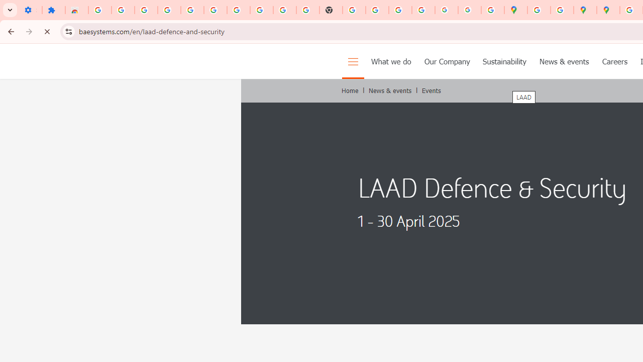 This screenshot has width=643, height=362. Describe the element at coordinates (515, 10) in the screenshot. I see `'Google Maps'` at that location.